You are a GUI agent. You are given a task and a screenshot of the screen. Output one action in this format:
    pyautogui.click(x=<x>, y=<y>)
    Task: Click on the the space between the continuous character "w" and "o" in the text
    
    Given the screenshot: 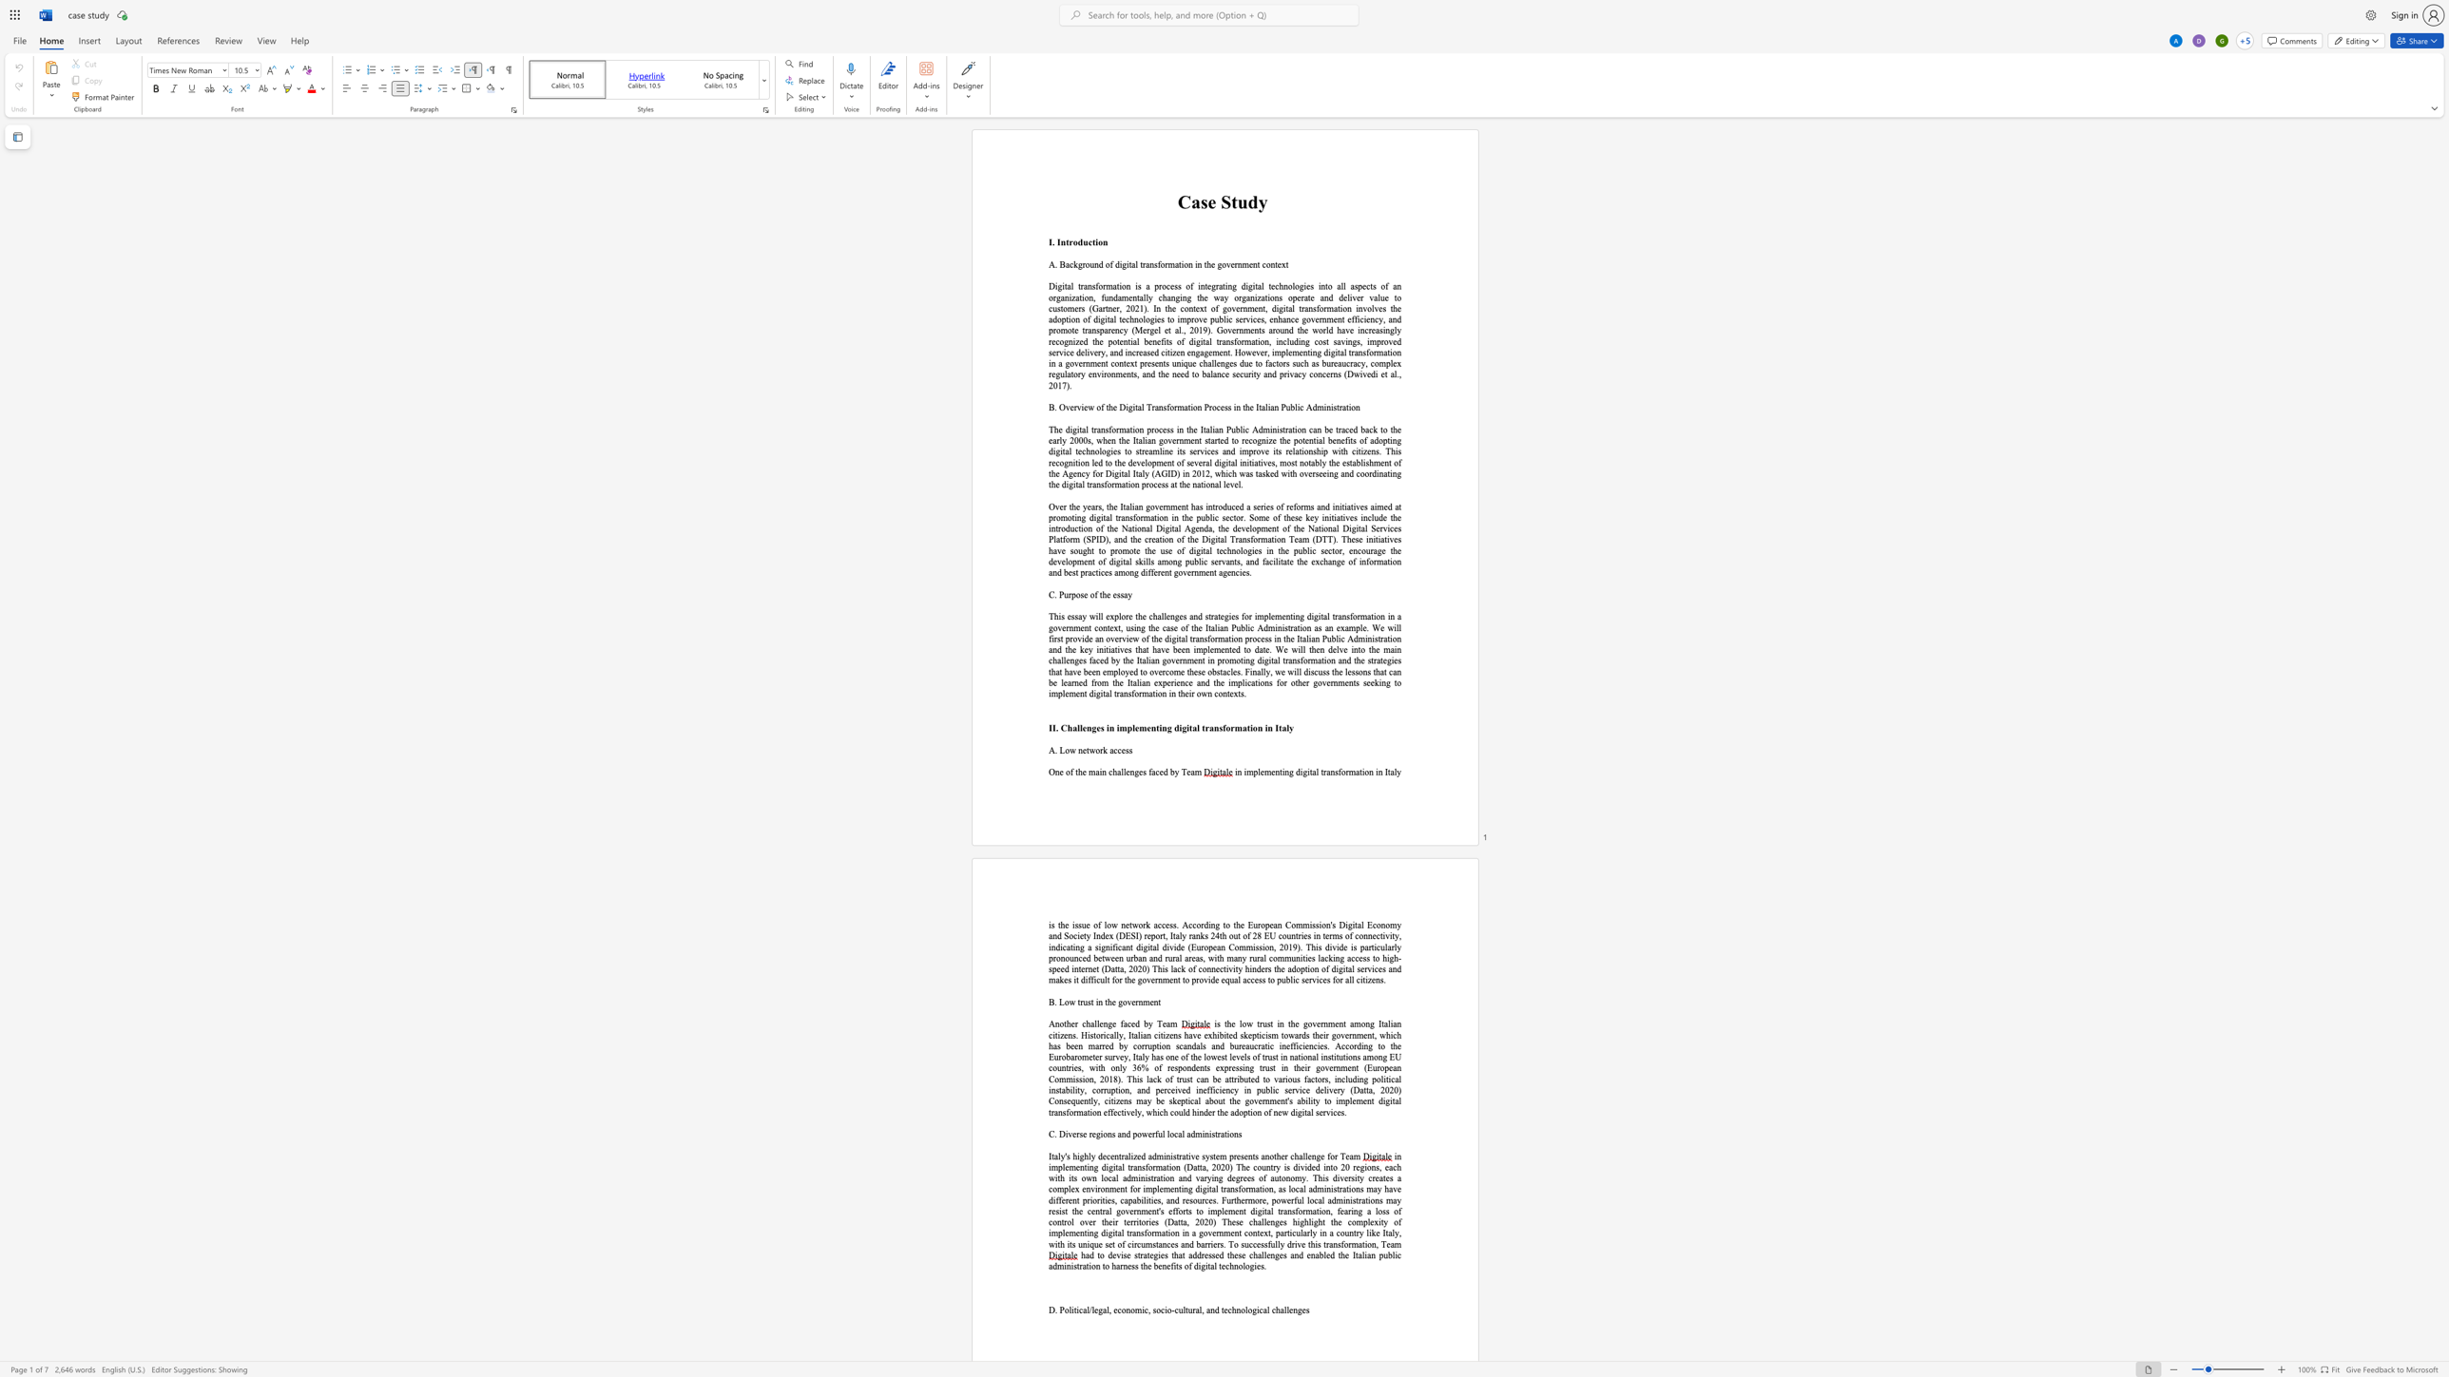 What is the action you would take?
    pyautogui.click(x=1093, y=749)
    